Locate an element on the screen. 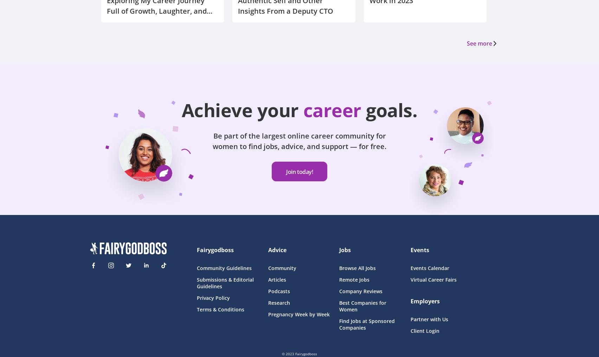 This screenshot has width=599, height=357. 'Partner with Us' is located at coordinates (429, 319).